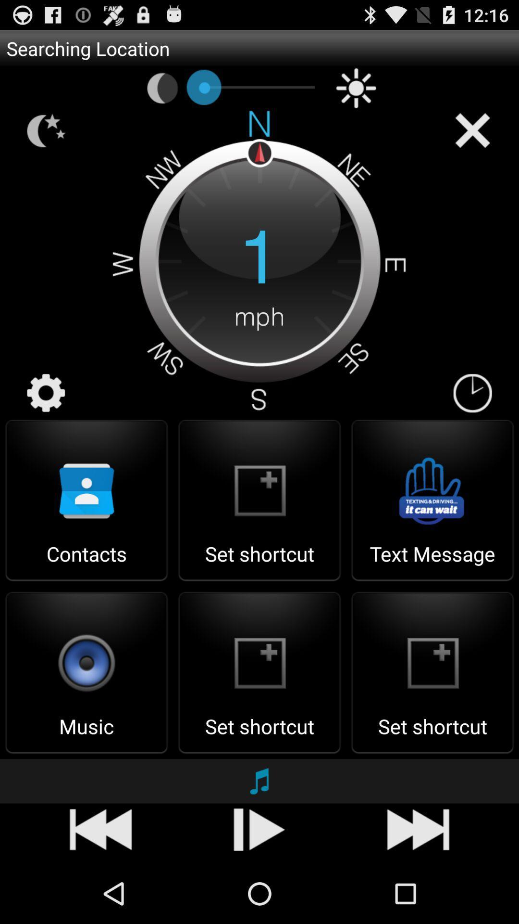 This screenshot has width=519, height=924. I want to click on the close icon, so click(472, 139).